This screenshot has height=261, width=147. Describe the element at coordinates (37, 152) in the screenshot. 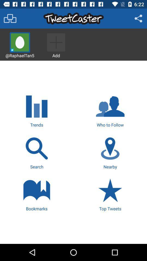

I see `item below trends` at that location.